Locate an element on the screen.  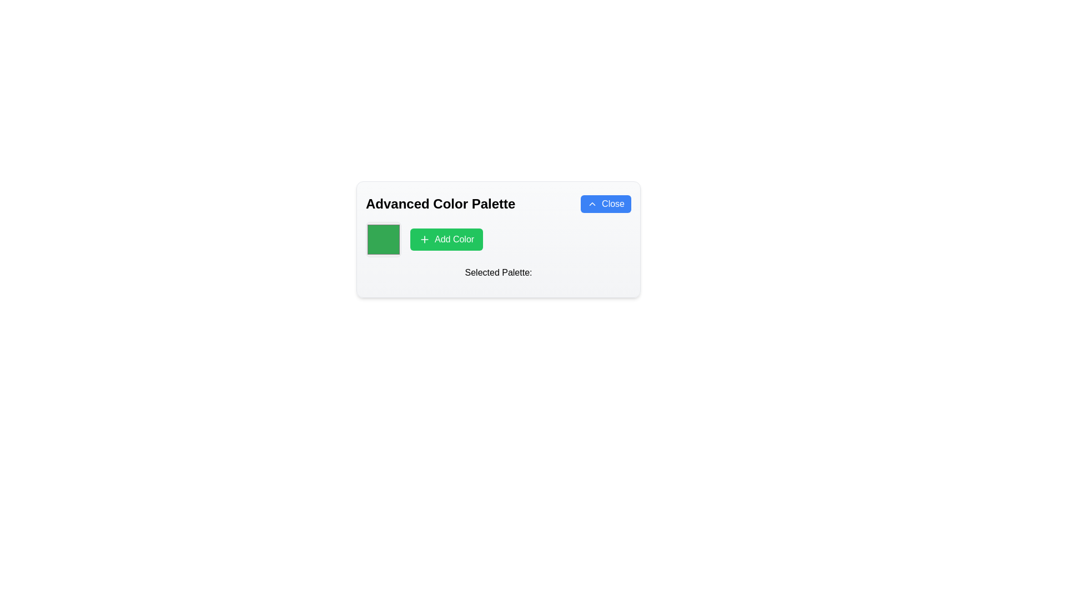
the button that allows users to add a new color to the palette, positioned to the right of a green square color swatch and below the text 'Advanced Color Palette' is located at coordinates (446, 239).